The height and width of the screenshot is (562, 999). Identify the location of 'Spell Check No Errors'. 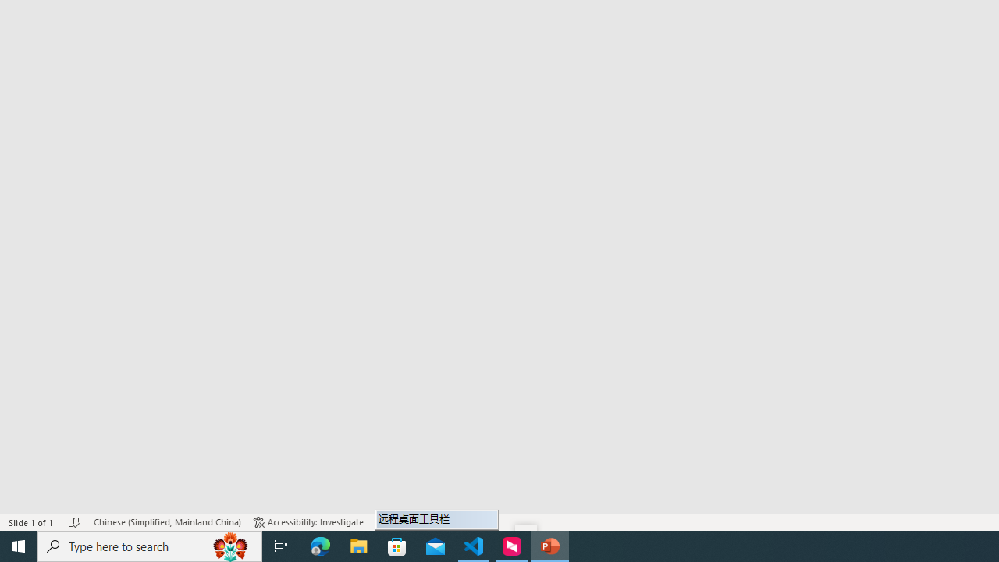
(74, 522).